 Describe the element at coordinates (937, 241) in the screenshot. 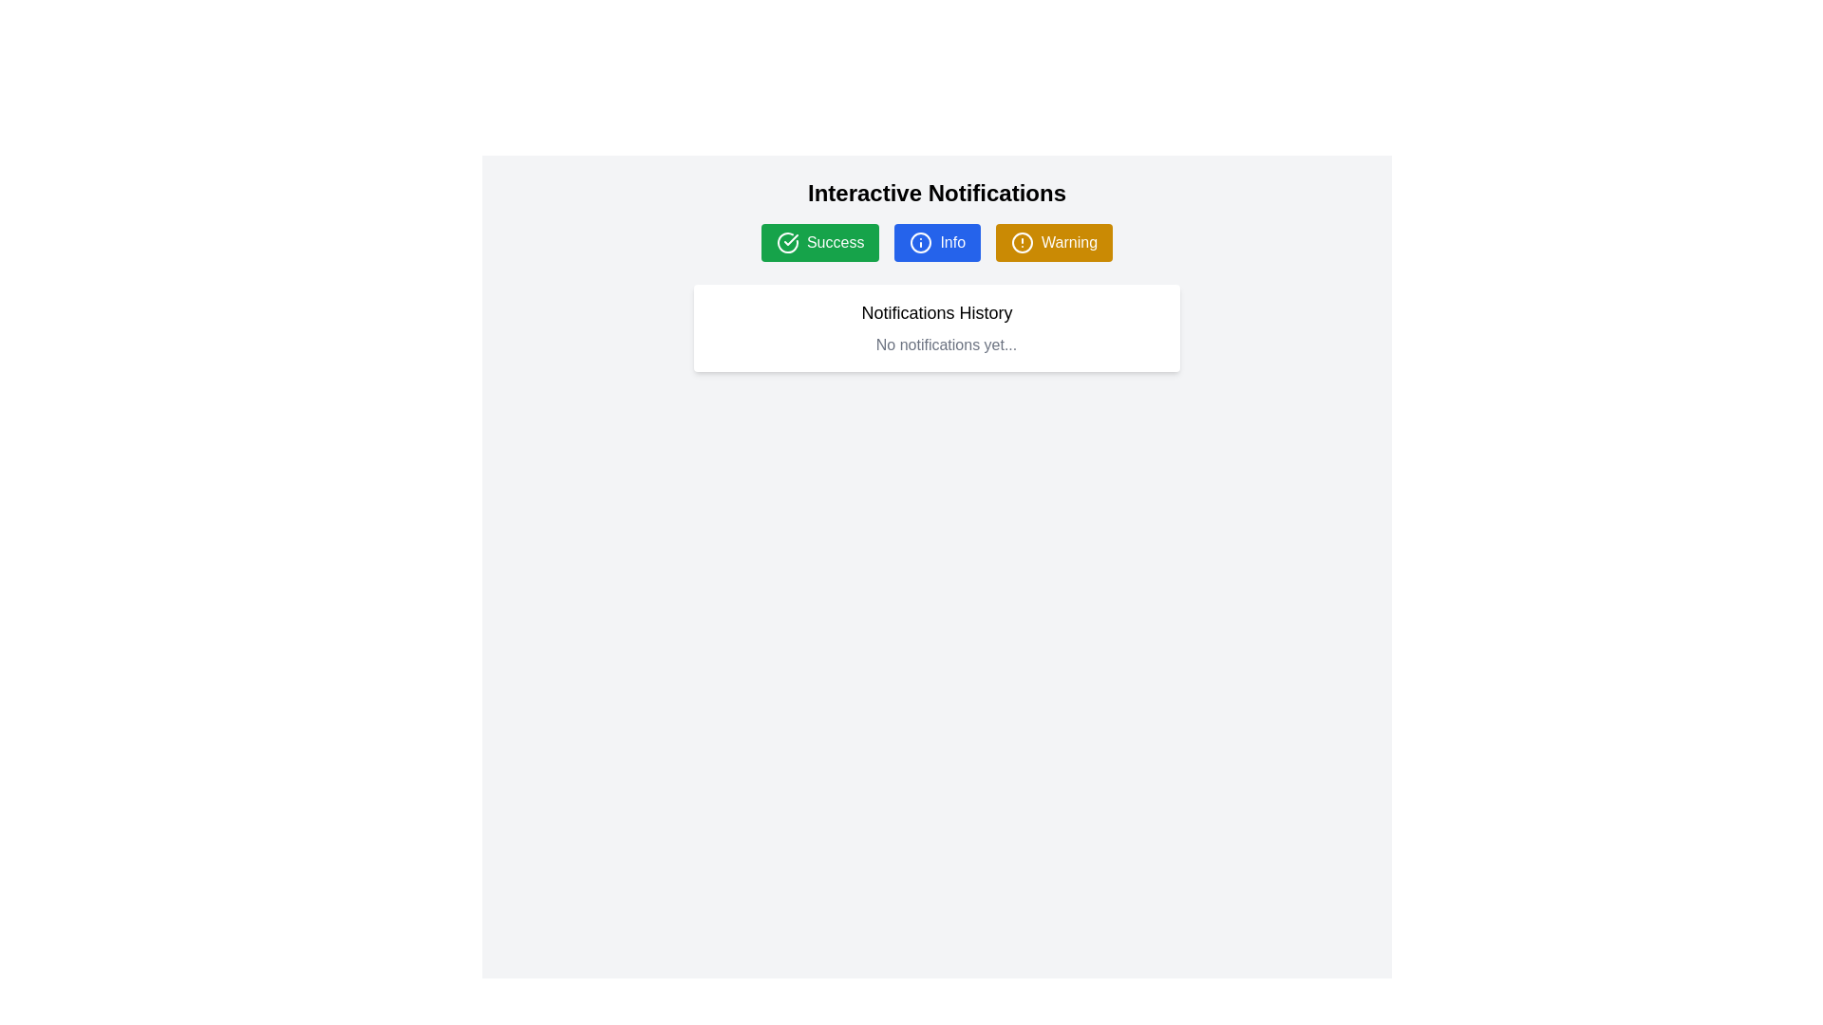

I see `the blue 'Info' button with rounded corners located under the header 'Interactive Notifications'` at that location.